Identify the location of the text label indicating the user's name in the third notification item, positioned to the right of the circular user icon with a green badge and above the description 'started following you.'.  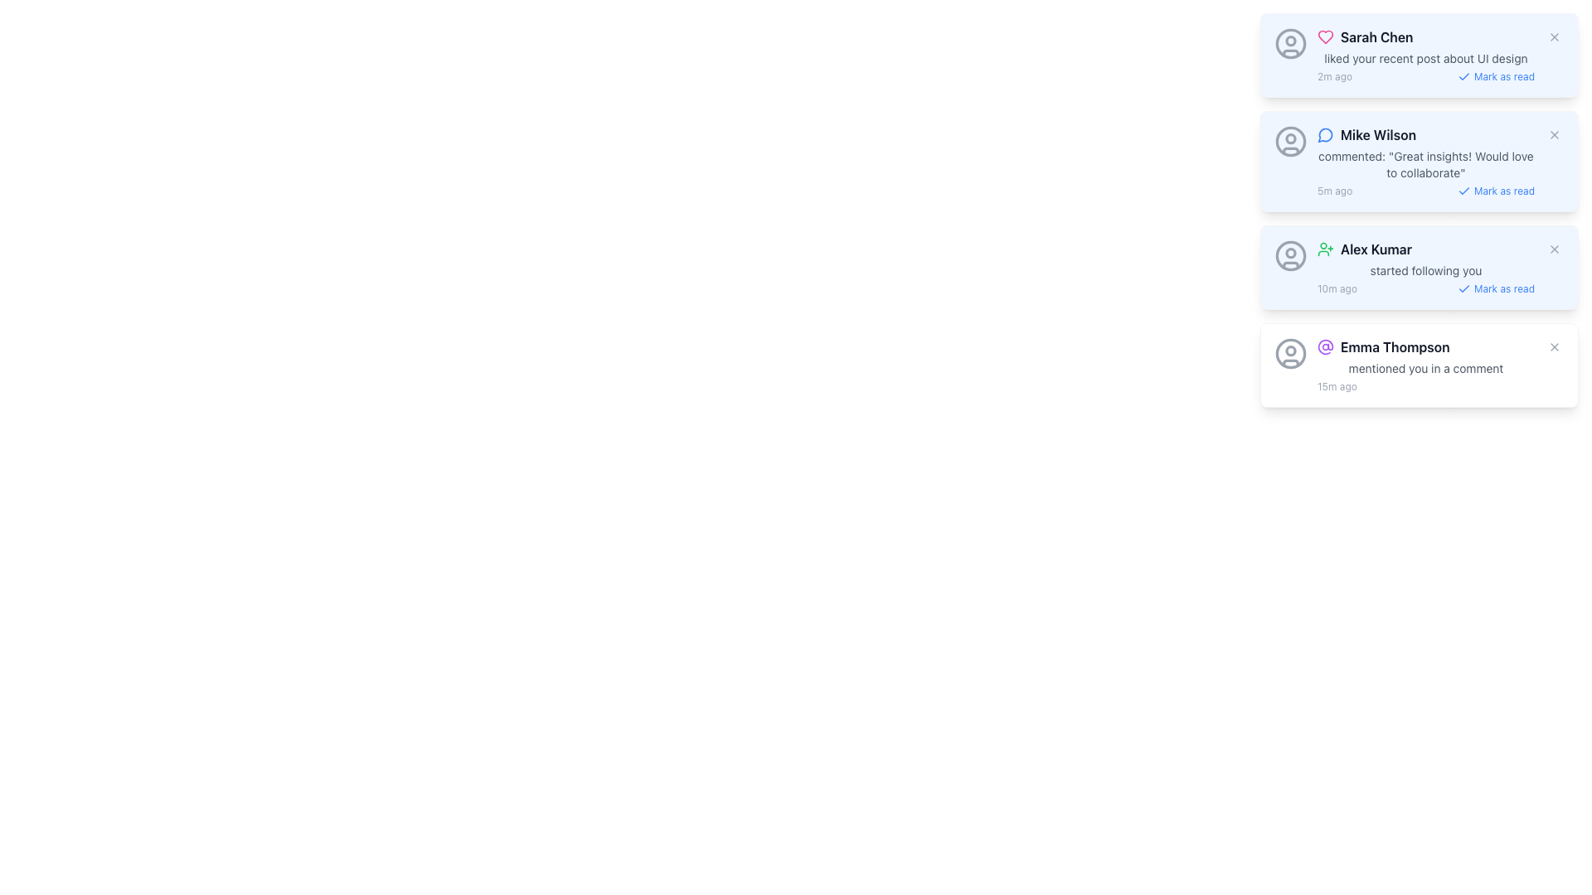
(1376, 249).